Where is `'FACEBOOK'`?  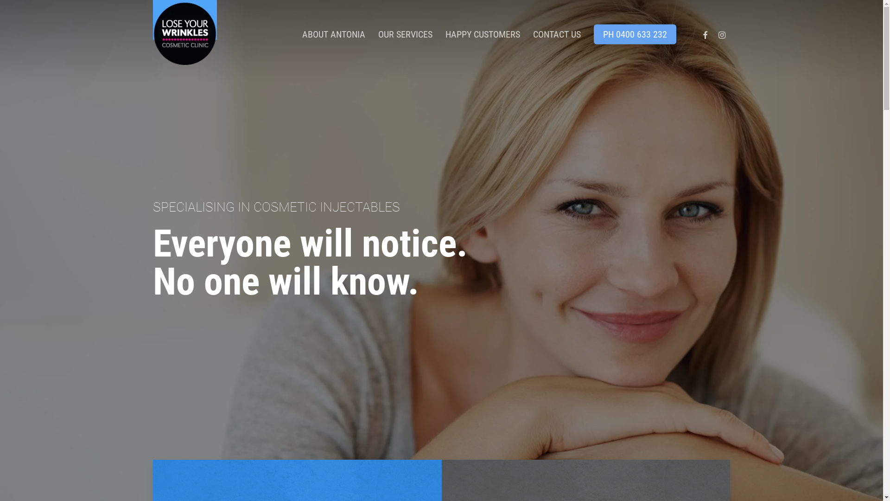
'FACEBOOK' is located at coordinates (696, 33).